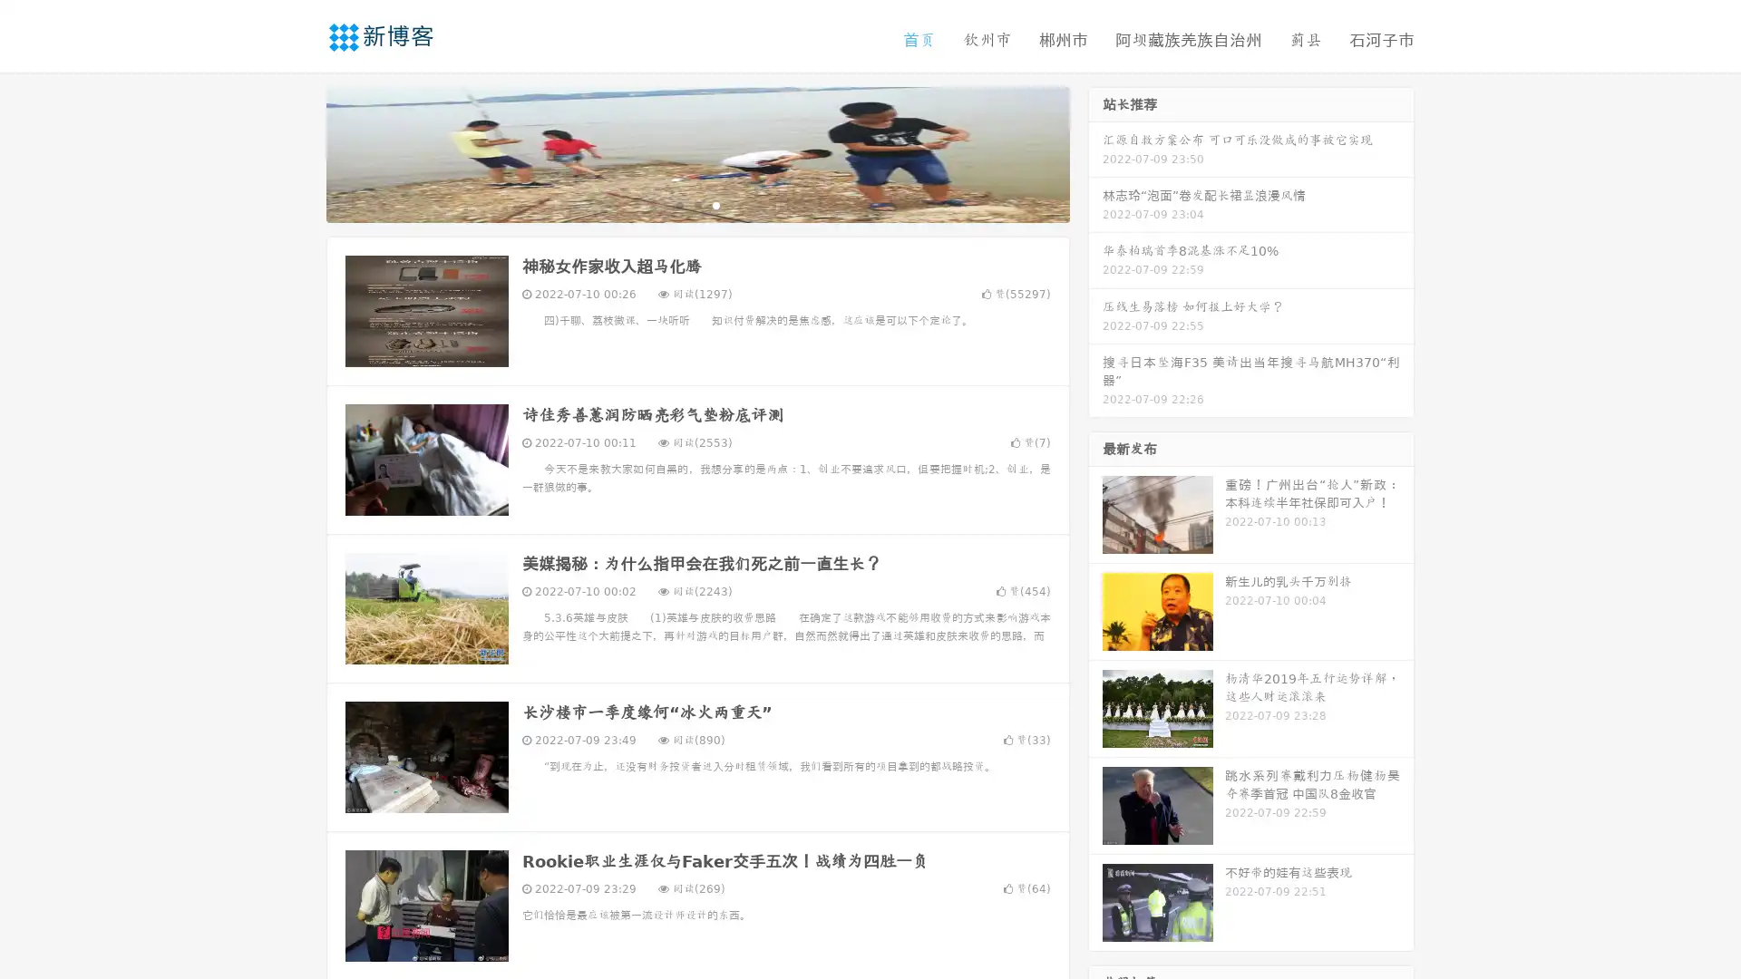  Describe the element at coordinates (715, 204) in the screenshot. I see `Go to slide 3` at that location.